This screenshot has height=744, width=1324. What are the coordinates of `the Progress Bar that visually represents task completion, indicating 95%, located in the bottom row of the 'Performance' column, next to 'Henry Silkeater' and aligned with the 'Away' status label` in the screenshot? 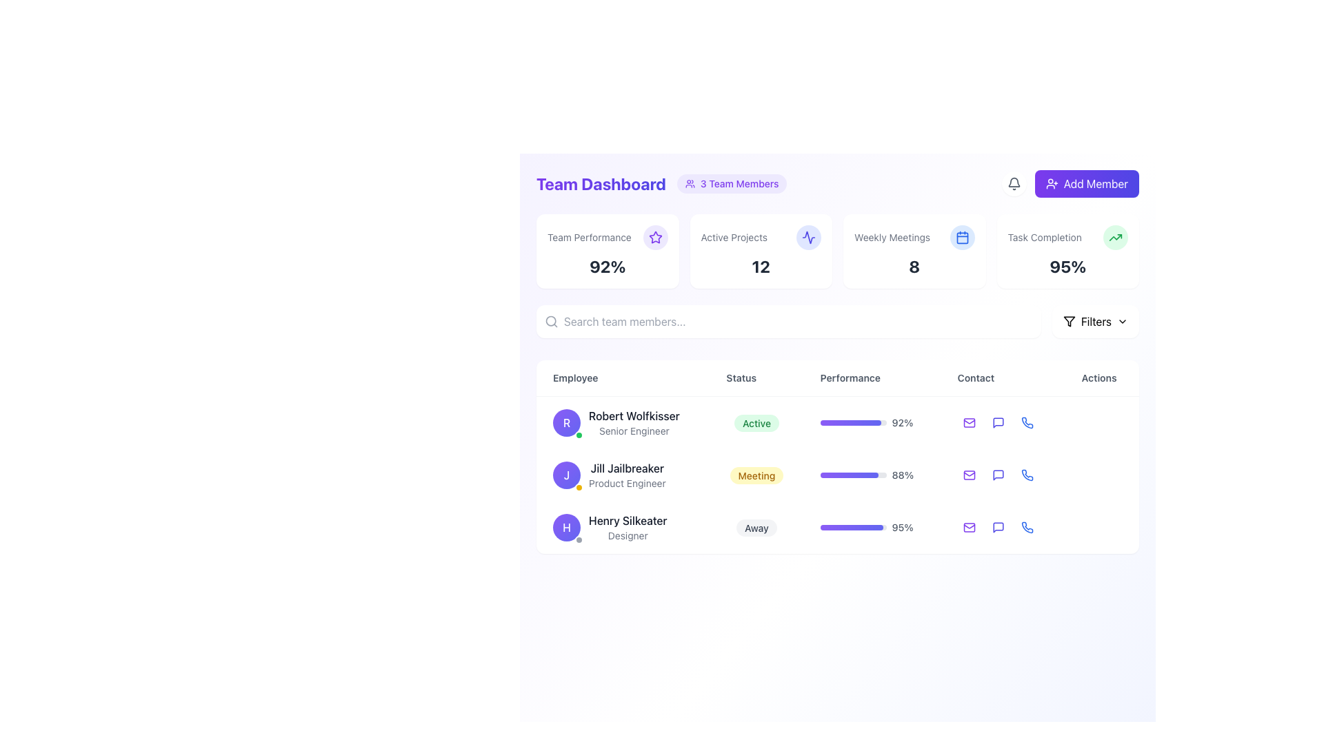 It's located at (852, 527).